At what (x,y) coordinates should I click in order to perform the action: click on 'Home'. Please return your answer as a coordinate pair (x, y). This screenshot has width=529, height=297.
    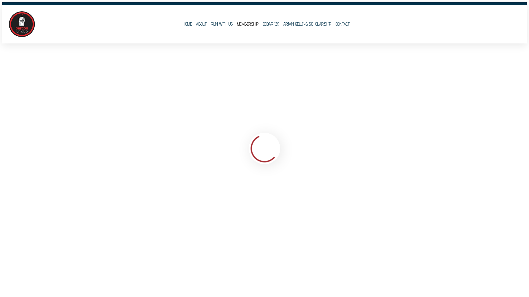
    Looking at the image, I should click on (2, 57).